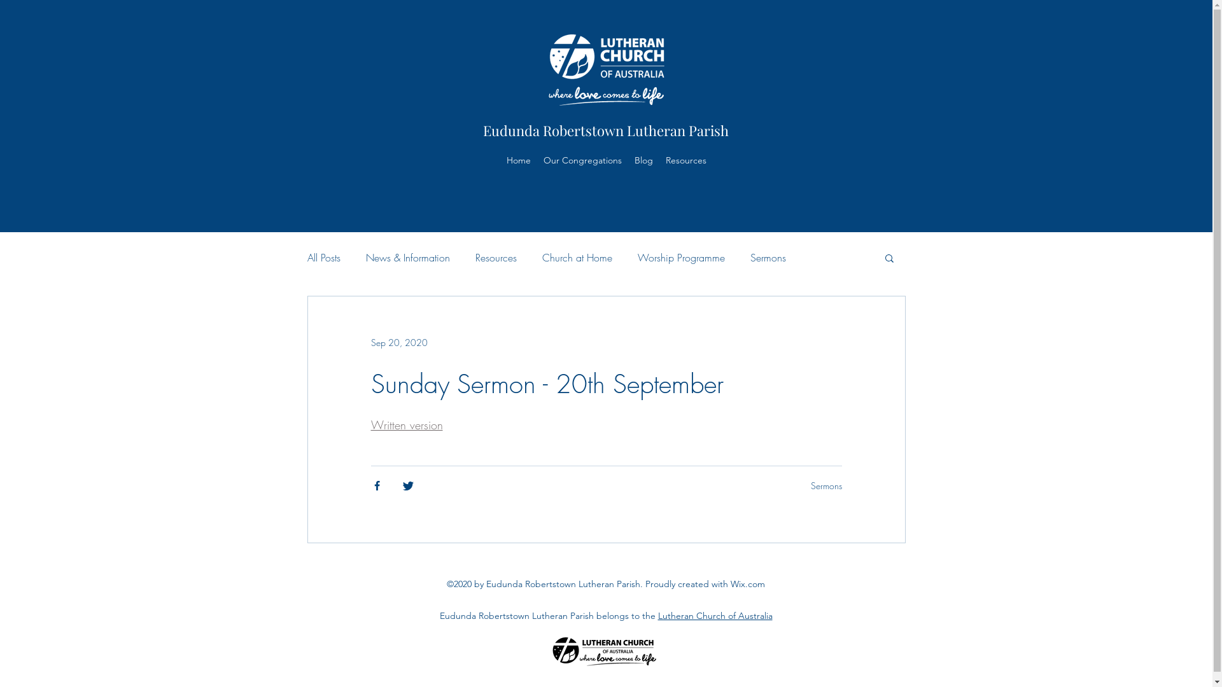 This screenshot has height=687, width=1222. Describe the element at coordinates (628, 159) in the screenshot. I see `'Blog'` at that location.